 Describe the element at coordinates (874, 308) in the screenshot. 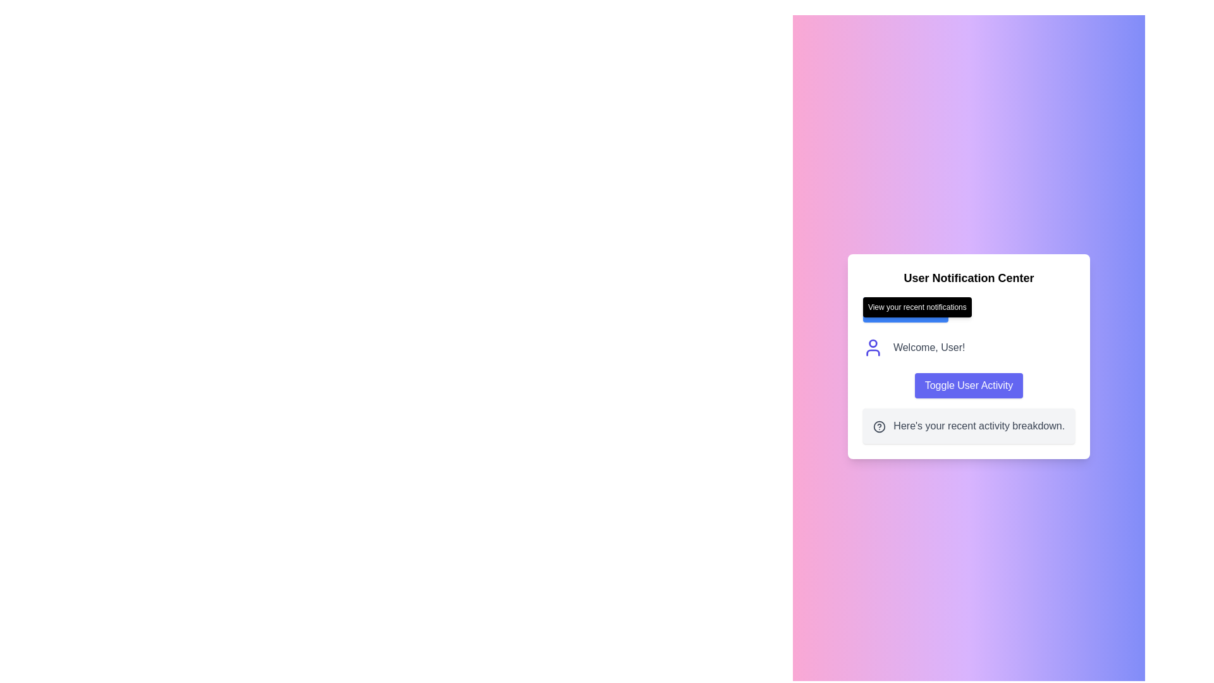

I see `the lower middle section of the bell-shaped icon representing notifications in the User Notification Center panel` at that location.